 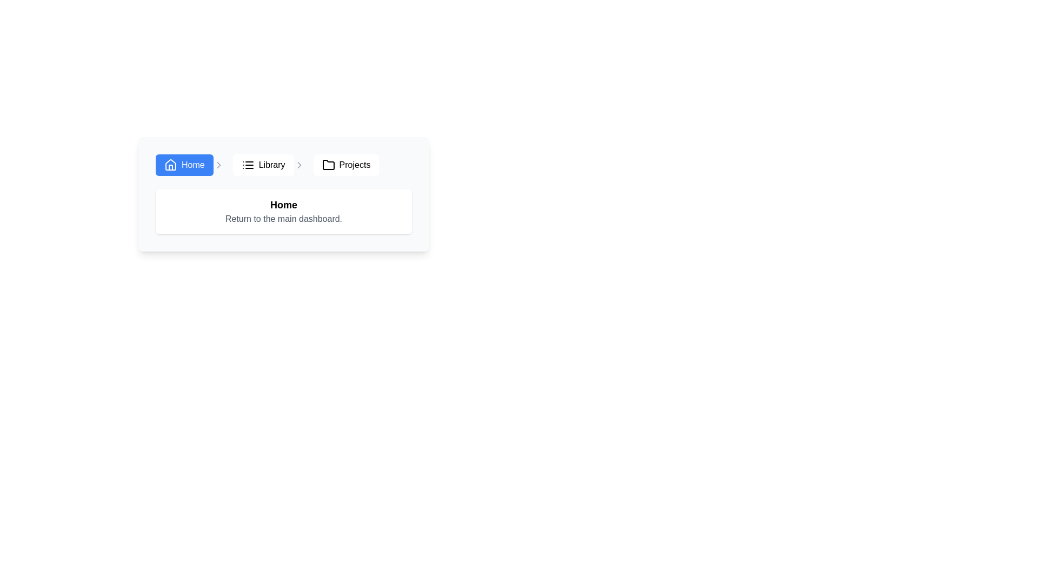 I want to click on text label displaying 'Library' located in the navigation section, positioned to the right of the list icon and between the 'Home' and 'Projects' sections, so click(x=272, y=165).